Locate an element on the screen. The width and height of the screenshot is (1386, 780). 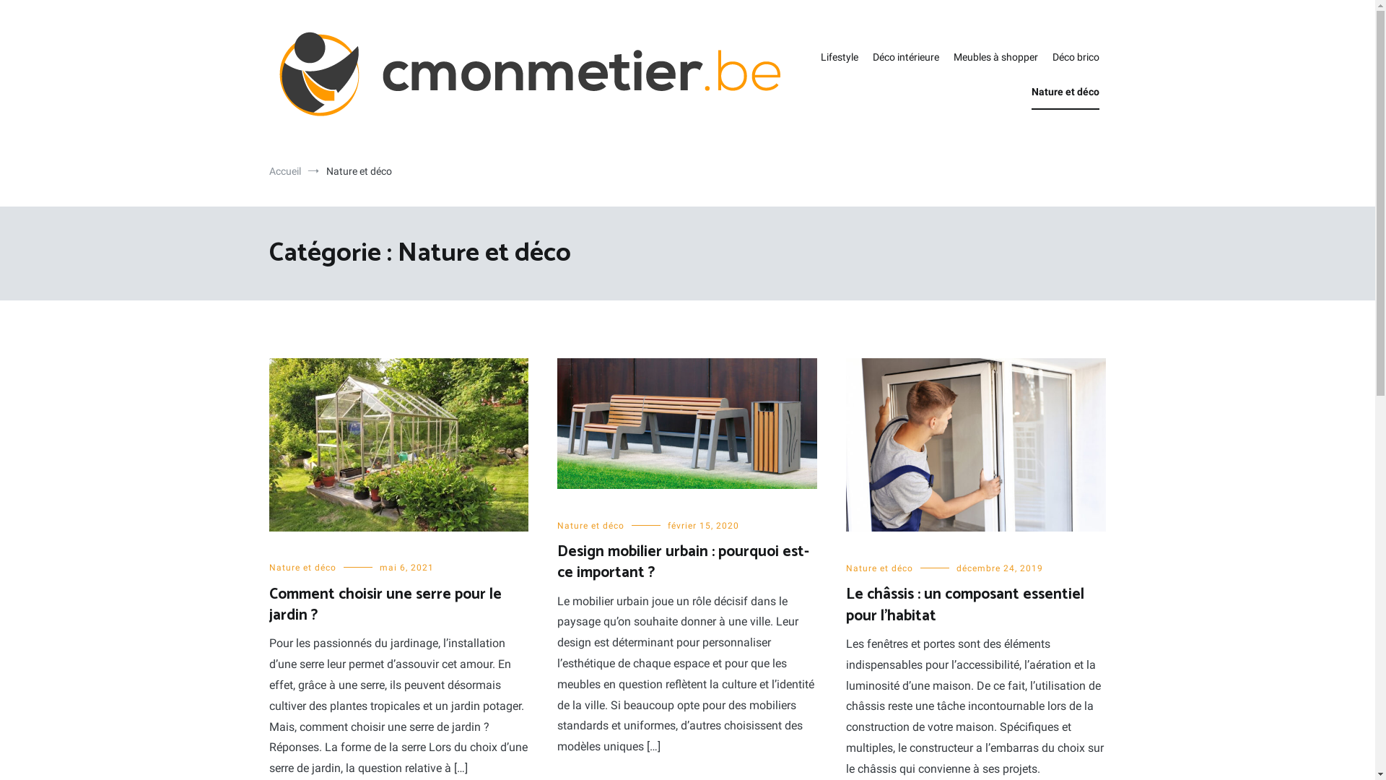
'mai 6, 2021' is located at coordinates (380, 567).